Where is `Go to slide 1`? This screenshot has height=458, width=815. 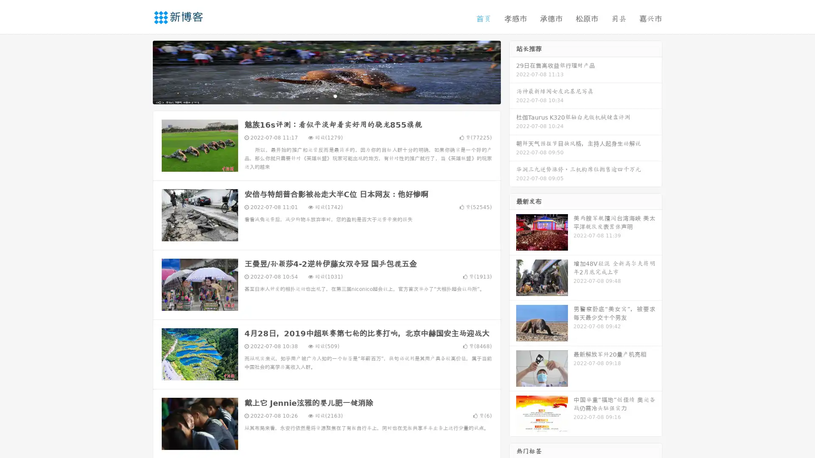 Go to slide 1 is located at coordinates (318, 95).